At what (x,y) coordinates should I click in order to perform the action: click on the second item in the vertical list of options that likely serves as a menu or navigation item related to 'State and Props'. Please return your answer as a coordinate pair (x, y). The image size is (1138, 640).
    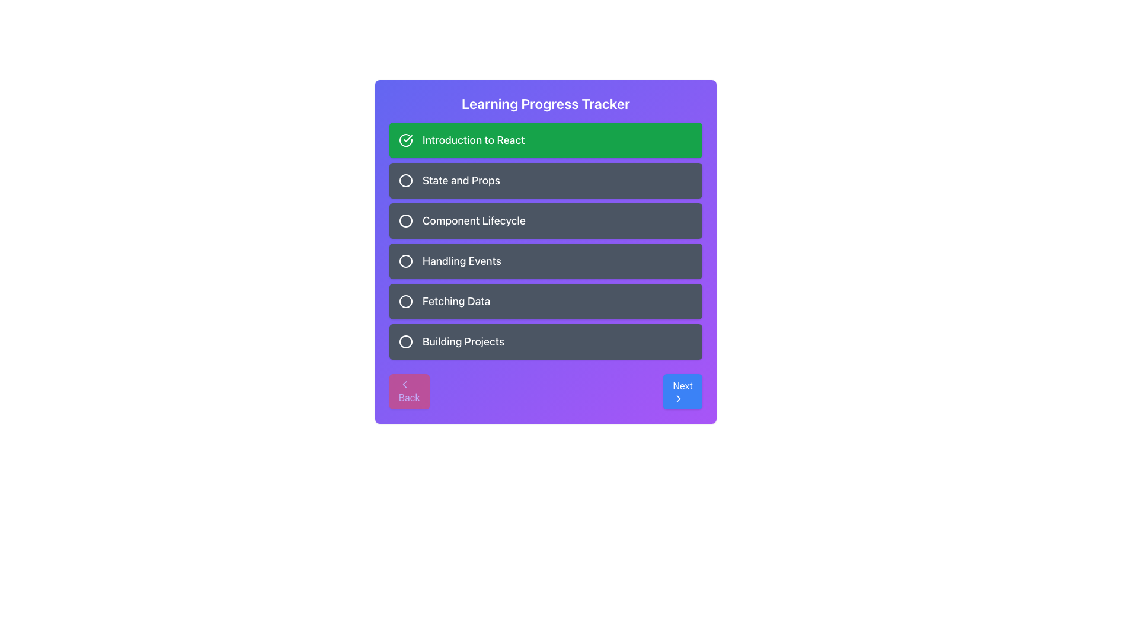
    Looking at the image, I should click on (545, 180).